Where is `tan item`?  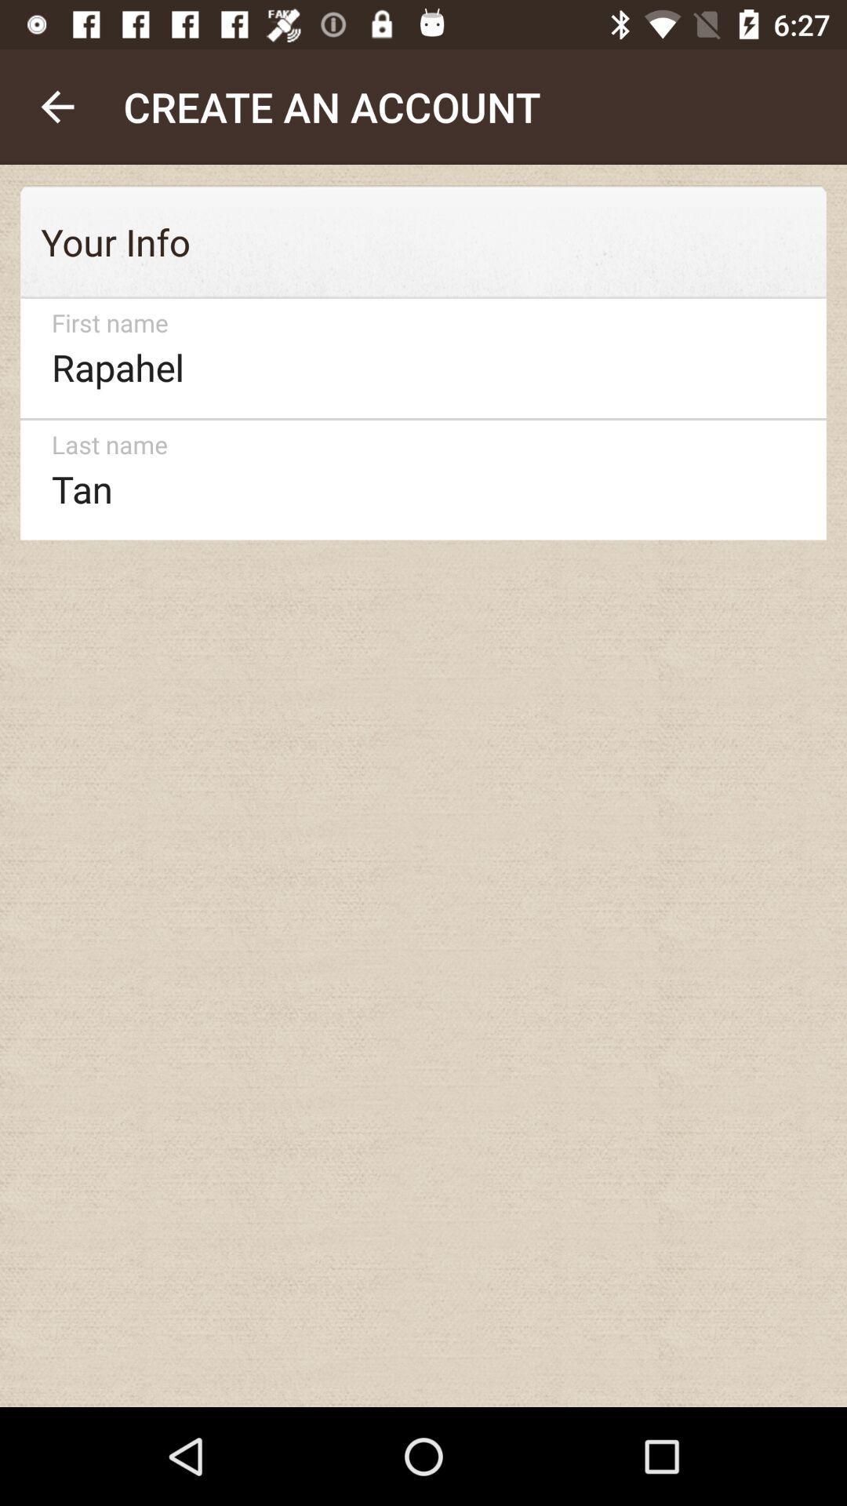 tan item is located at coordinates (416, 479).